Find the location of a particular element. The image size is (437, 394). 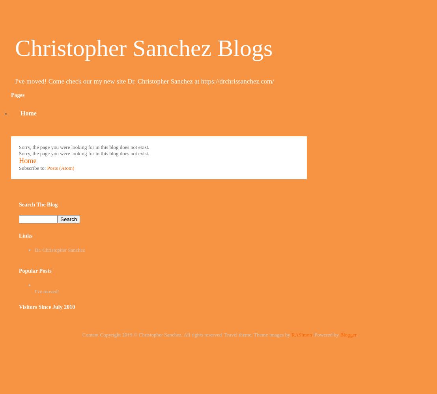

'Search The Blog' is located at coordinates (38, 204).